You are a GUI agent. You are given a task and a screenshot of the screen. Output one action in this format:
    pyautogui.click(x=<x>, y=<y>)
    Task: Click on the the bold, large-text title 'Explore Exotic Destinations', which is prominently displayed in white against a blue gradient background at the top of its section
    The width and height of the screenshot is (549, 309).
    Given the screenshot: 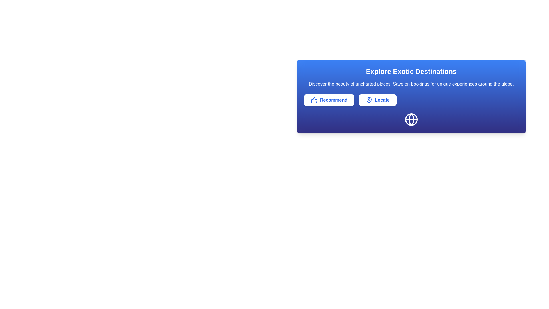 What is the action you would take?
    pyautogui.click(x=411, y=71)
    